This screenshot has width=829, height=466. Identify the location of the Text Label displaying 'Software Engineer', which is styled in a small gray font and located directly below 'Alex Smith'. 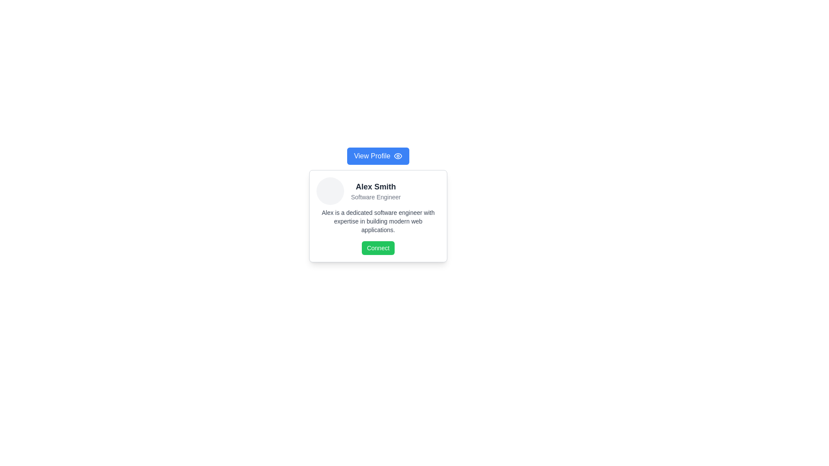
(376, 197).